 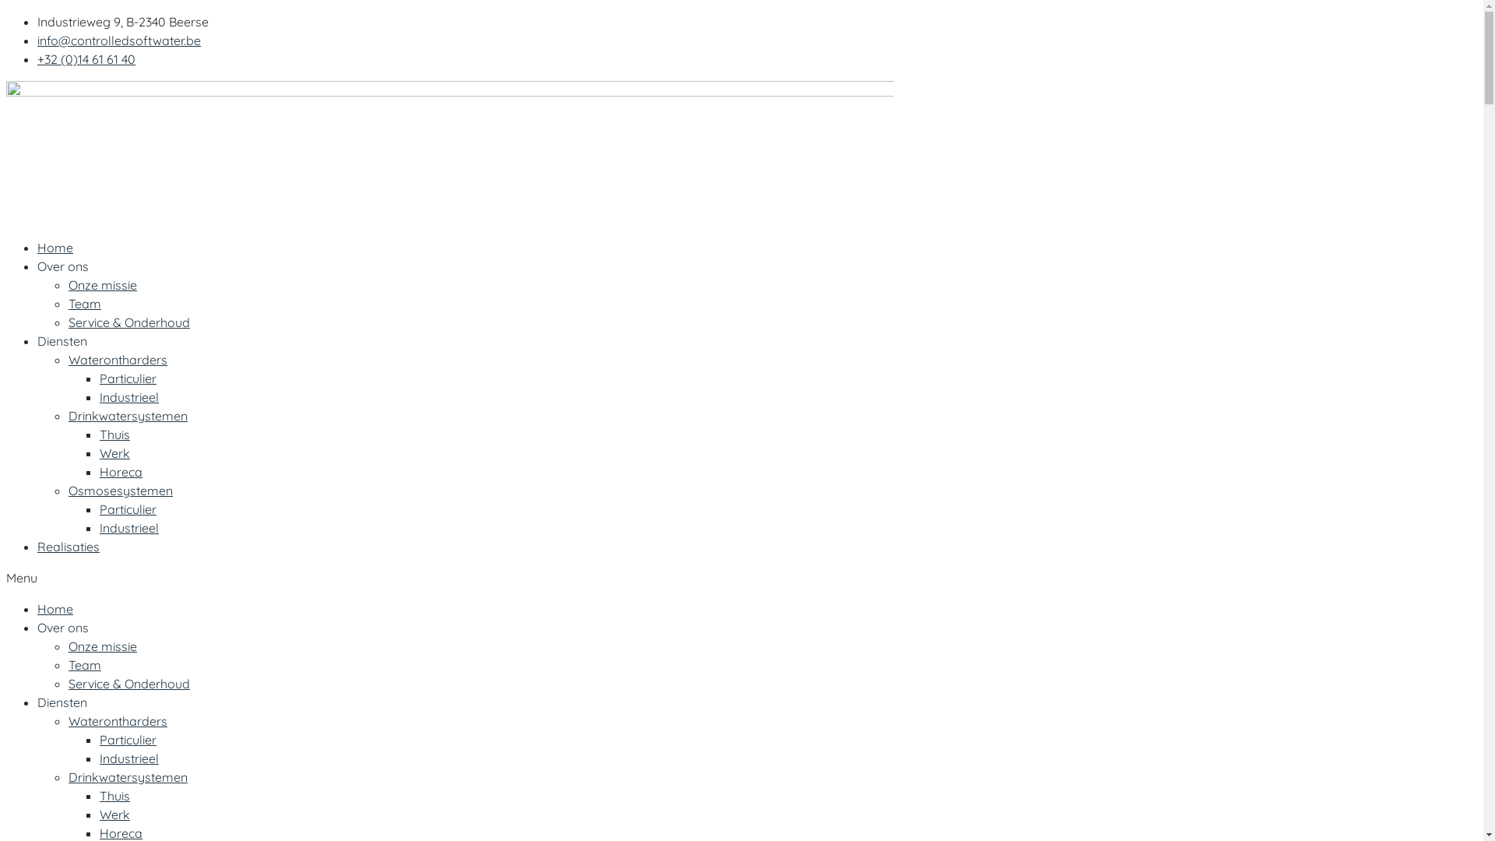 I want to click on 'Particulier', so click(x=128, y=738).